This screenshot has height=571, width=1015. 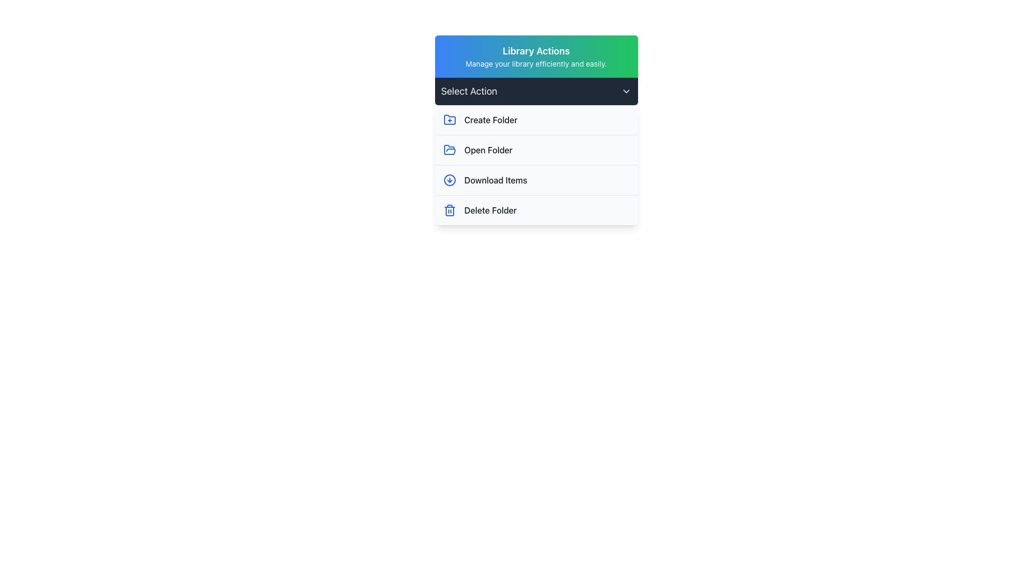 I want to click on the visual reference icon, so click(x=449, y=150).